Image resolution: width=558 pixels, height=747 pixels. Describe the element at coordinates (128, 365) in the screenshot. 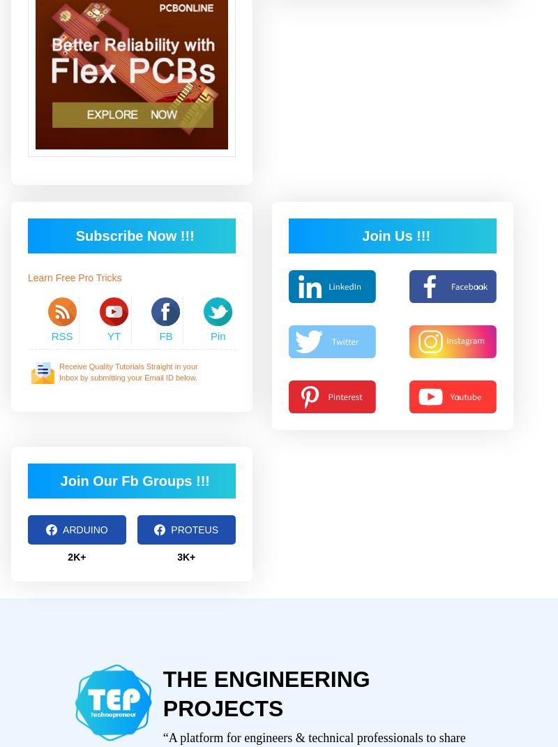

I see `'Receive Quality Tutorials Straight in your'` at that location.